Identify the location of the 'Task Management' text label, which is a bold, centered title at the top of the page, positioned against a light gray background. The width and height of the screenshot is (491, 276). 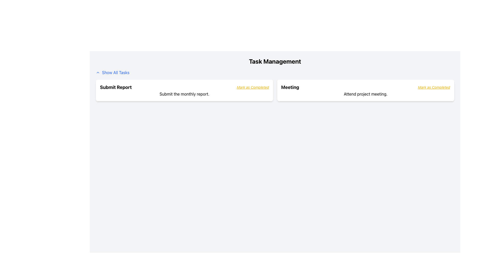
(275, 61).